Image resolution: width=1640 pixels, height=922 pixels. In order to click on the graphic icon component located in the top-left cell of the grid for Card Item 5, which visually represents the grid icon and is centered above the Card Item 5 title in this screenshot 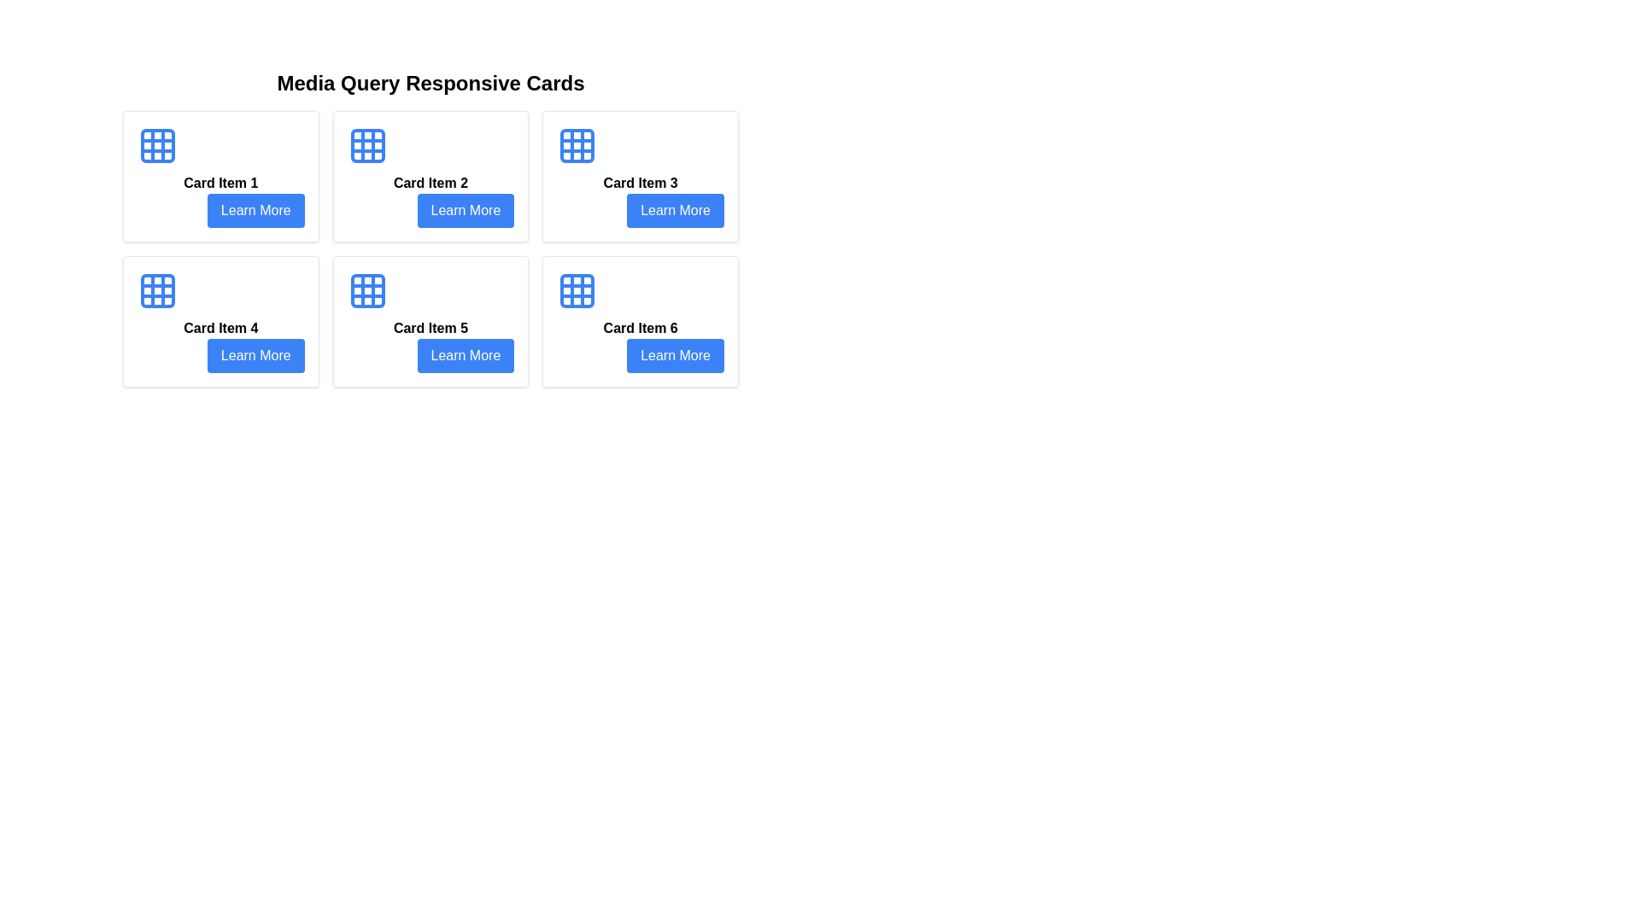, I will do `click(366, 289)`.